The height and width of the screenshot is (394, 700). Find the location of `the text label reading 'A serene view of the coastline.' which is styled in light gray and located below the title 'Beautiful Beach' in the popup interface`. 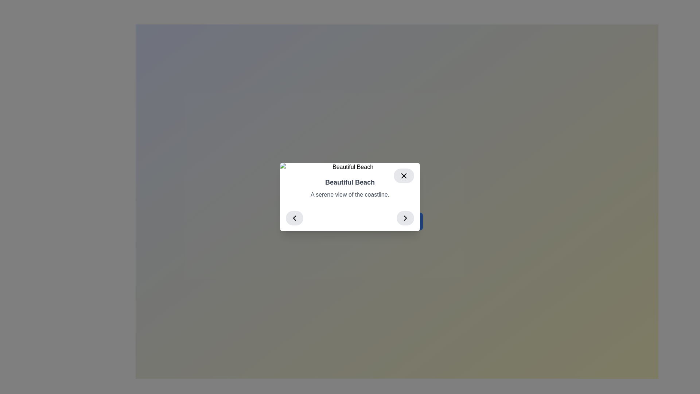

the text label reading 'A serene view of the coastline.' which is styled in light gray and located below the title 'Beautiful Beach' in the popup interface is located at coordinates (350, 194).